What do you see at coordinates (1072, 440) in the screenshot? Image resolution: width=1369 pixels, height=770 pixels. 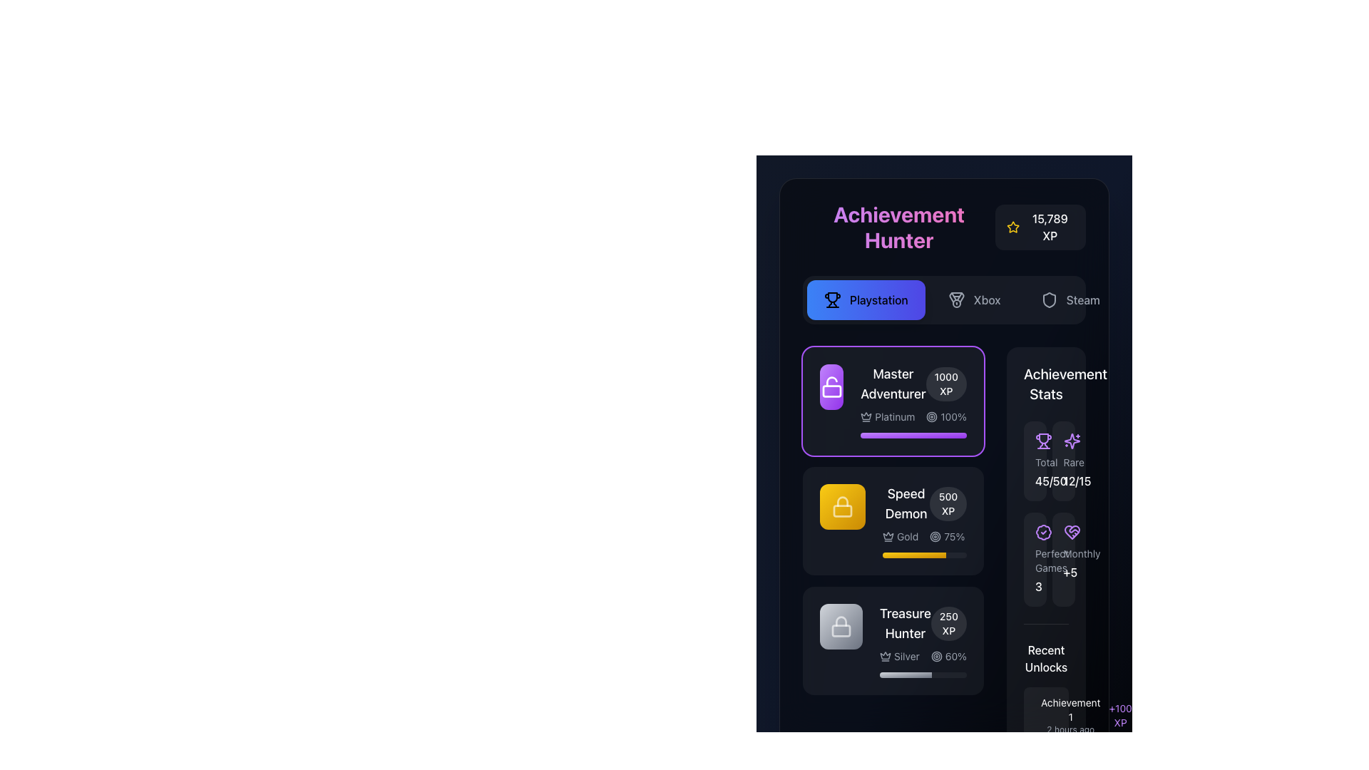 I see `the central SVG graphic icon in the Achievement Stats section, which is the largest among its siblings and located in the header area on the right side` at bounding box center [1072, 440].